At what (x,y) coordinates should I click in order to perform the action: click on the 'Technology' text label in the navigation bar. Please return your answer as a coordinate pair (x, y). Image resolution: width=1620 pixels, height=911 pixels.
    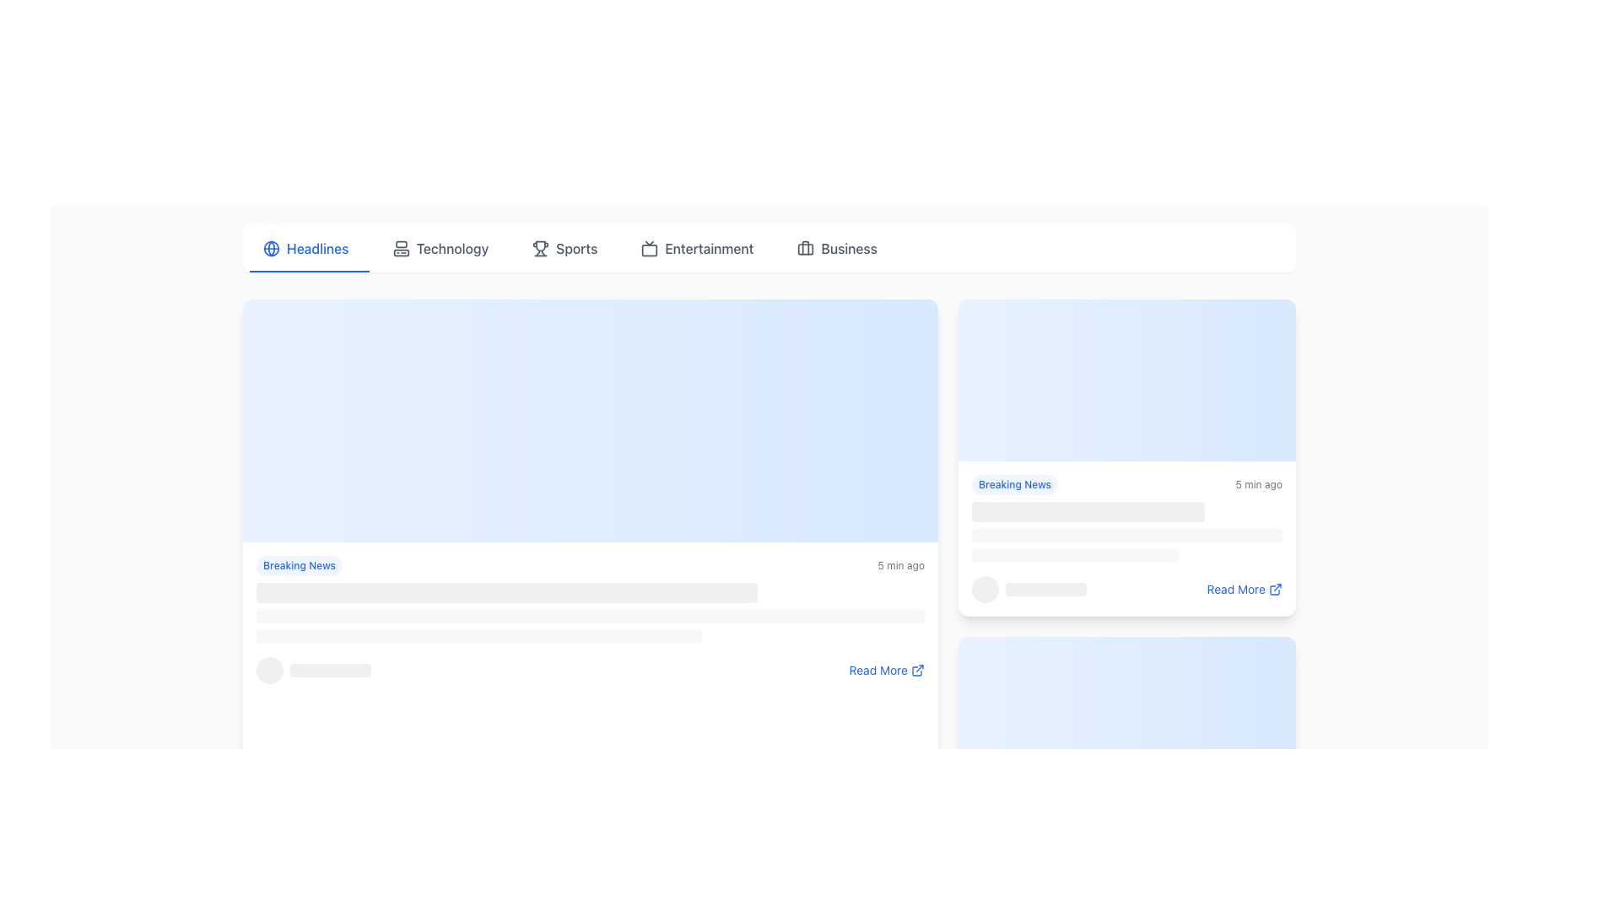
    Looking at the image, I should click on (452, 248).